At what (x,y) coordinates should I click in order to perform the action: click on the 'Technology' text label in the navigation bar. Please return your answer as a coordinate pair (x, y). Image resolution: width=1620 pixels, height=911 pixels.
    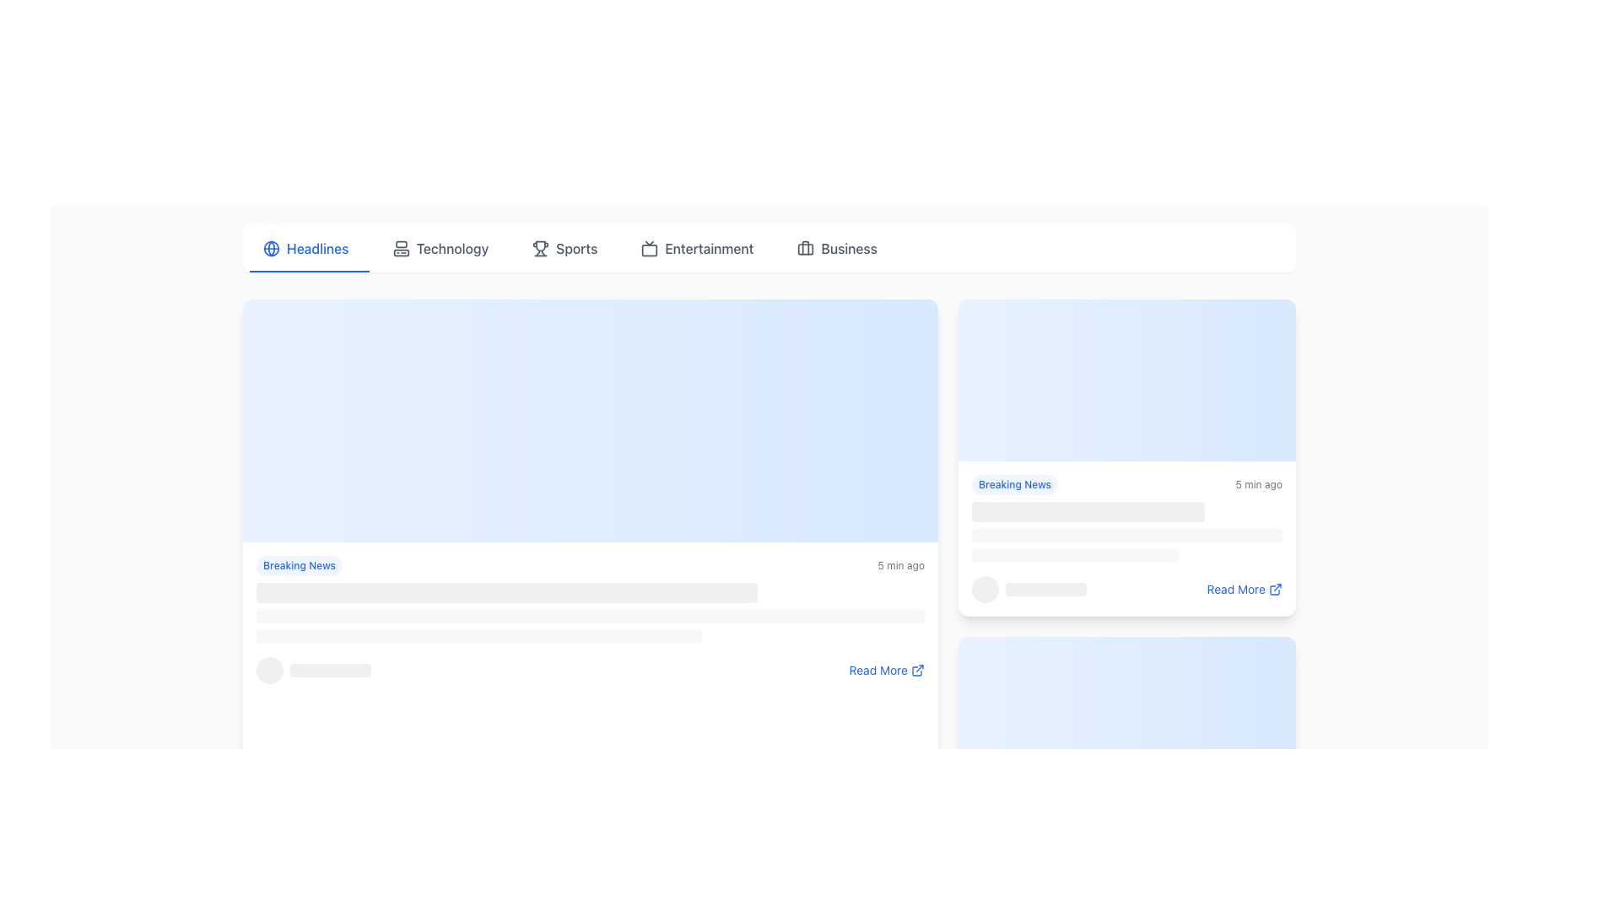
    Looking at the image, I should click on (452, 248).